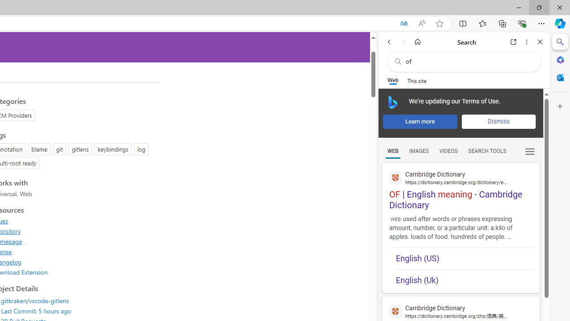 This screenshot has height=321, width=570. I want to click on 'Search Filter, IMAGES', so click(418, 151).